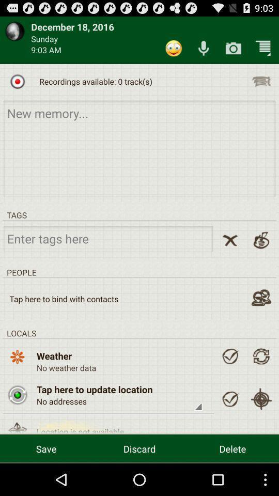 This screenshot has width=279, height=496. Describe the element at coordinates (260, 381) in the screenshot. I see `the refresh icon` at that location.